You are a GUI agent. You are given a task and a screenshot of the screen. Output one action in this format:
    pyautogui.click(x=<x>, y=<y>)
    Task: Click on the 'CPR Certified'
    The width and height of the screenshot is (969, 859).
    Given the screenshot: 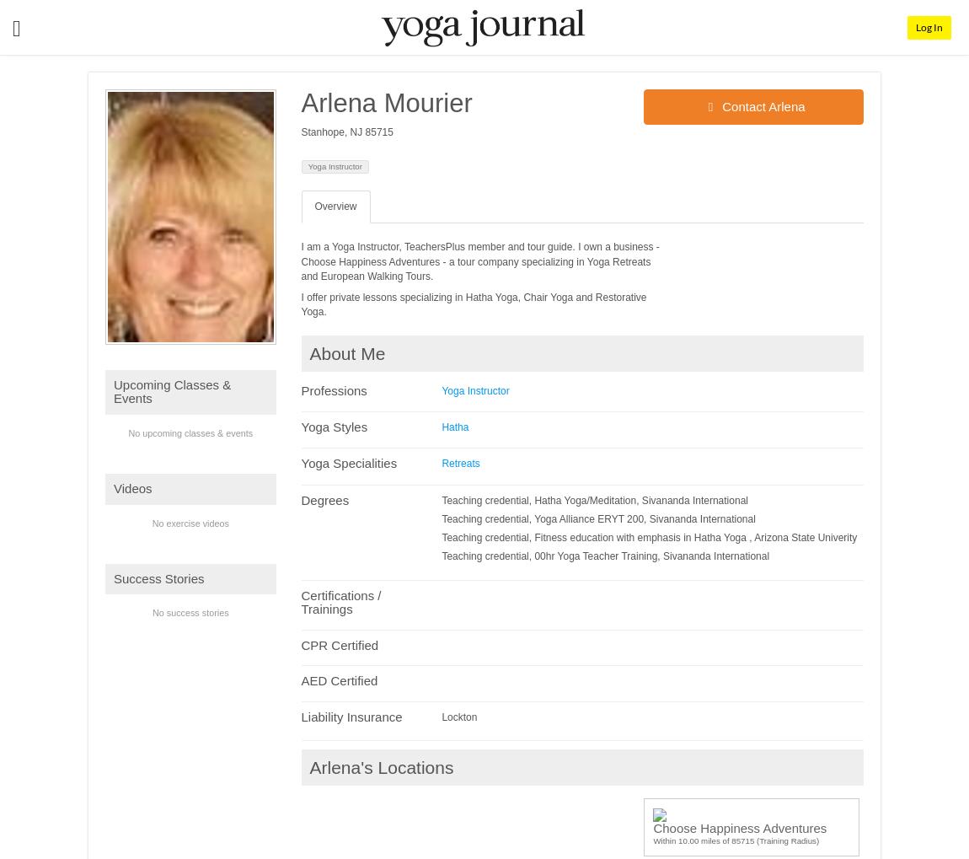 What is the action you would take?
    pyautogui.click(x=339, y=643)
    